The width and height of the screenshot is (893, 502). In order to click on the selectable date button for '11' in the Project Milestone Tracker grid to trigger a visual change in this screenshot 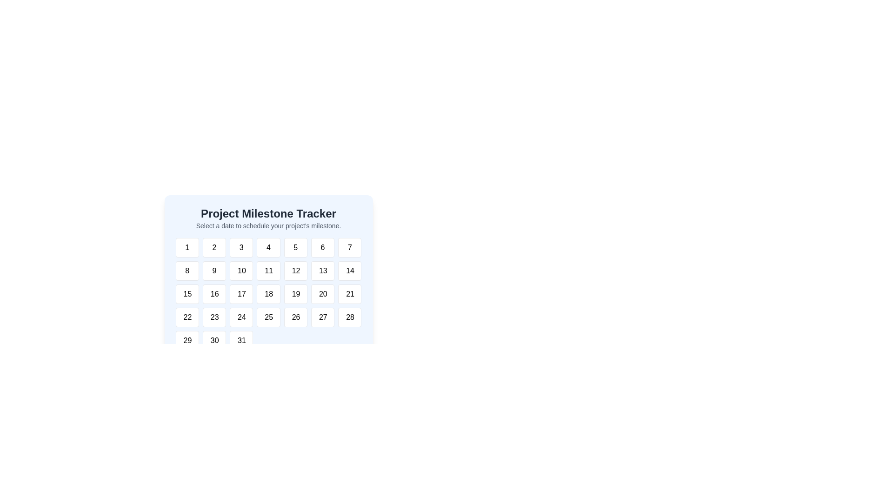, I will do `click(268, 271)`.